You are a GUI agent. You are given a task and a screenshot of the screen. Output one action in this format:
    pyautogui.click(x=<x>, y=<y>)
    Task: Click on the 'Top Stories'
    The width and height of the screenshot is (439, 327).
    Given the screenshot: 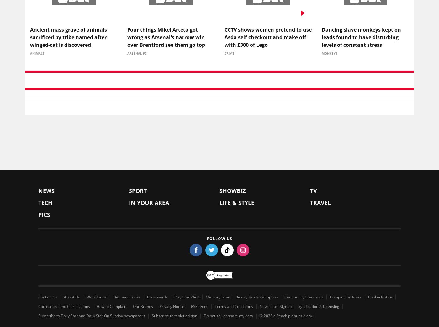 What is the action you would take?
    pyautogui.click(x=35, y=70)
    